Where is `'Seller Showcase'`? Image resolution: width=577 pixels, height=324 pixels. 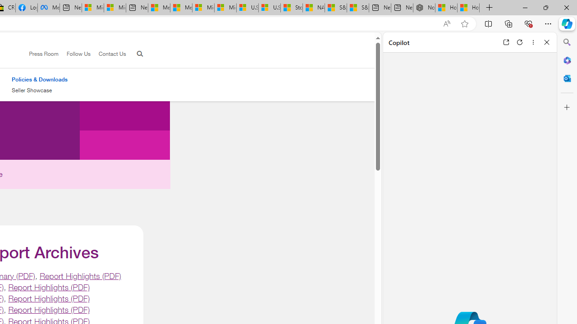
'Seller Showcase' is located at coordinates (39, 90).